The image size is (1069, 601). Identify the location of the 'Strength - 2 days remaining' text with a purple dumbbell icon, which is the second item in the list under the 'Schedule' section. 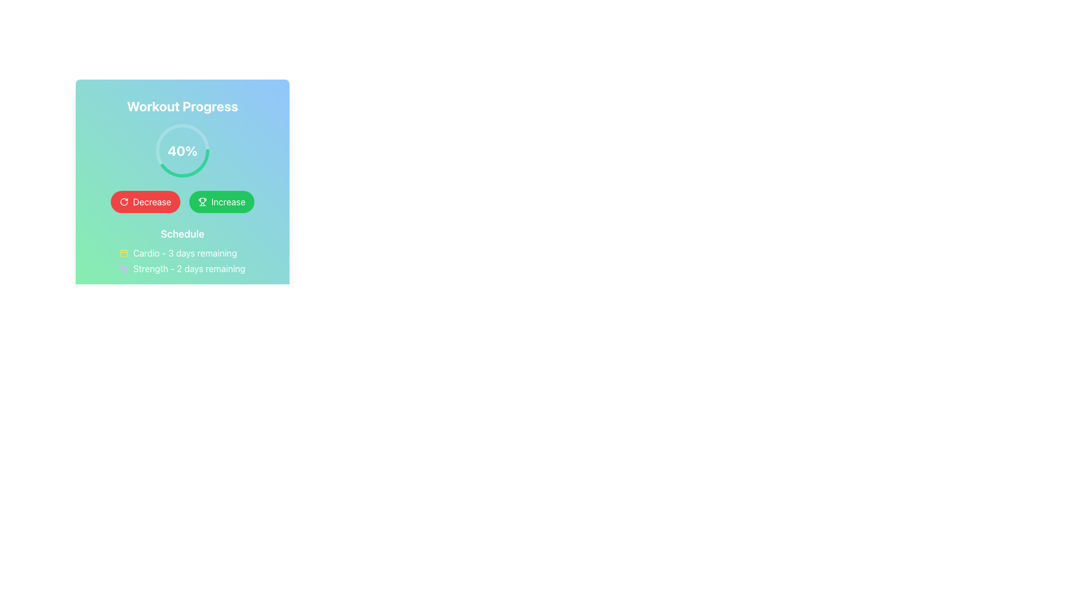
(182, 268).